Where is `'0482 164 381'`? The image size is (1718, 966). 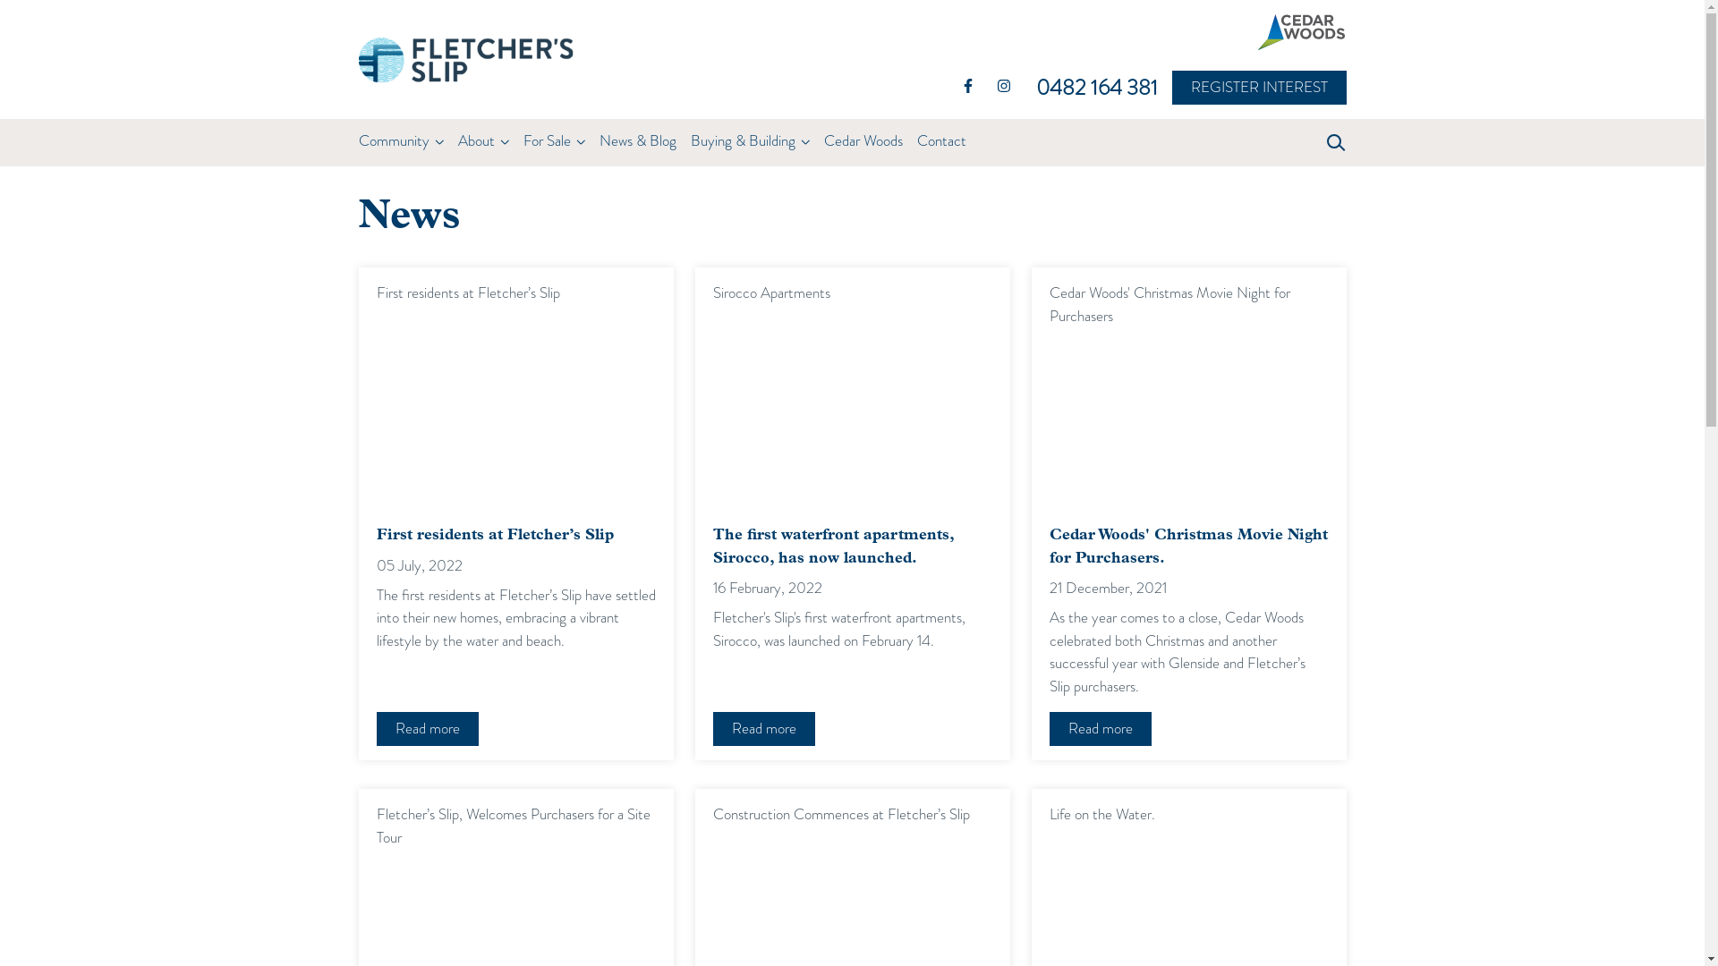
'0482 164 381' is located at coordinates (1102, 87).